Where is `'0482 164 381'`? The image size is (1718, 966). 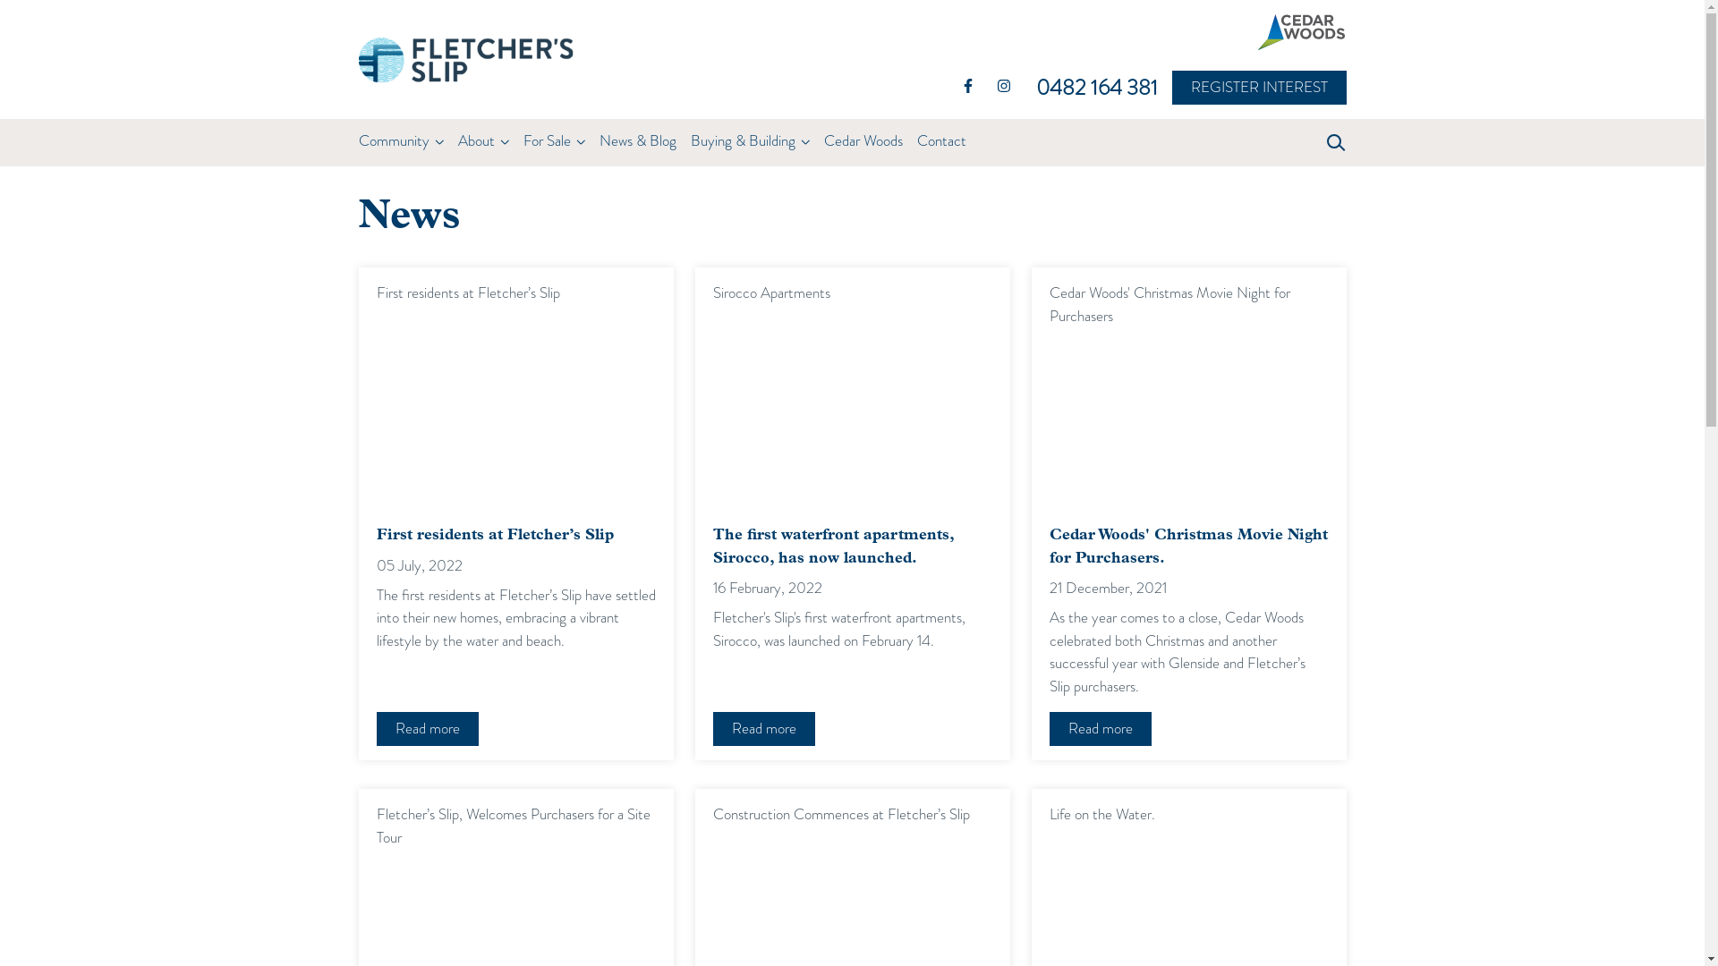
'0482 164 381' is located at coordinates (1102, 87).